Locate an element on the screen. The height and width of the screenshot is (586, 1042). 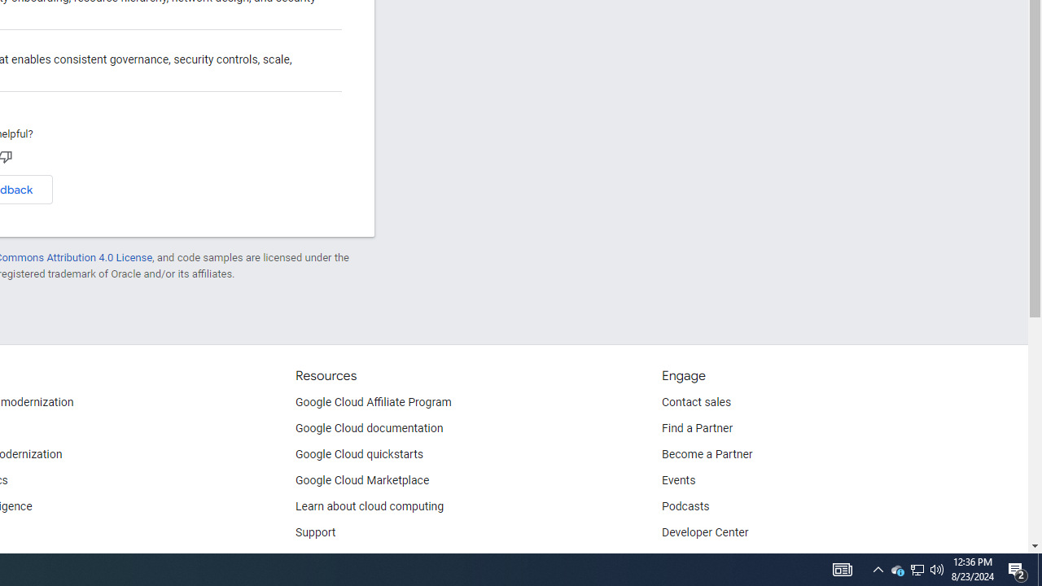
'Contact sales' is located at coordinates (696, 403).